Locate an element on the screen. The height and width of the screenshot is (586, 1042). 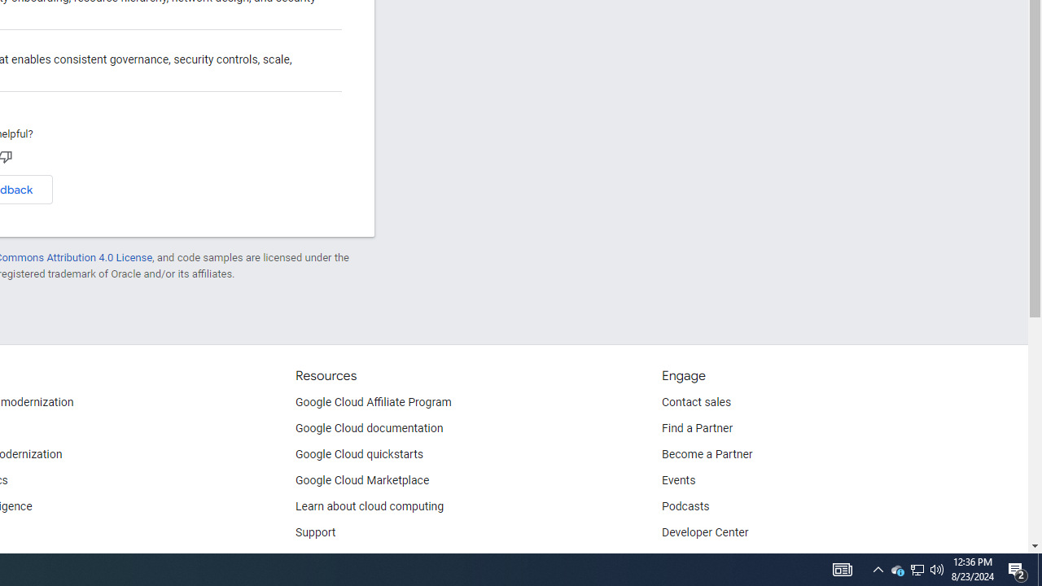
'Contact sales' is located at coordinates (696, 403).